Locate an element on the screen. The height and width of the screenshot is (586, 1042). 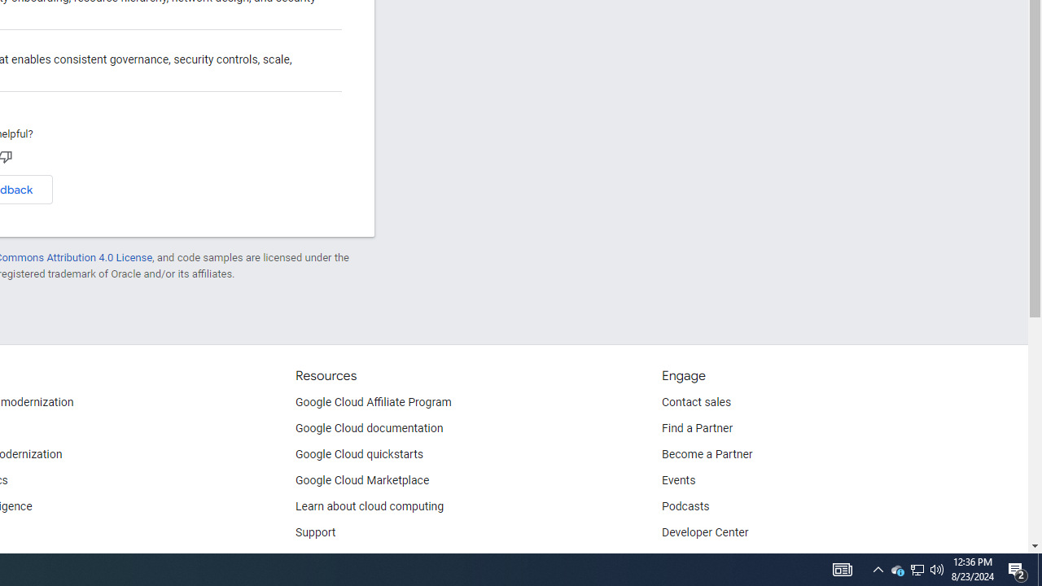
'Contact sales' is located at coordinates (696, 403).